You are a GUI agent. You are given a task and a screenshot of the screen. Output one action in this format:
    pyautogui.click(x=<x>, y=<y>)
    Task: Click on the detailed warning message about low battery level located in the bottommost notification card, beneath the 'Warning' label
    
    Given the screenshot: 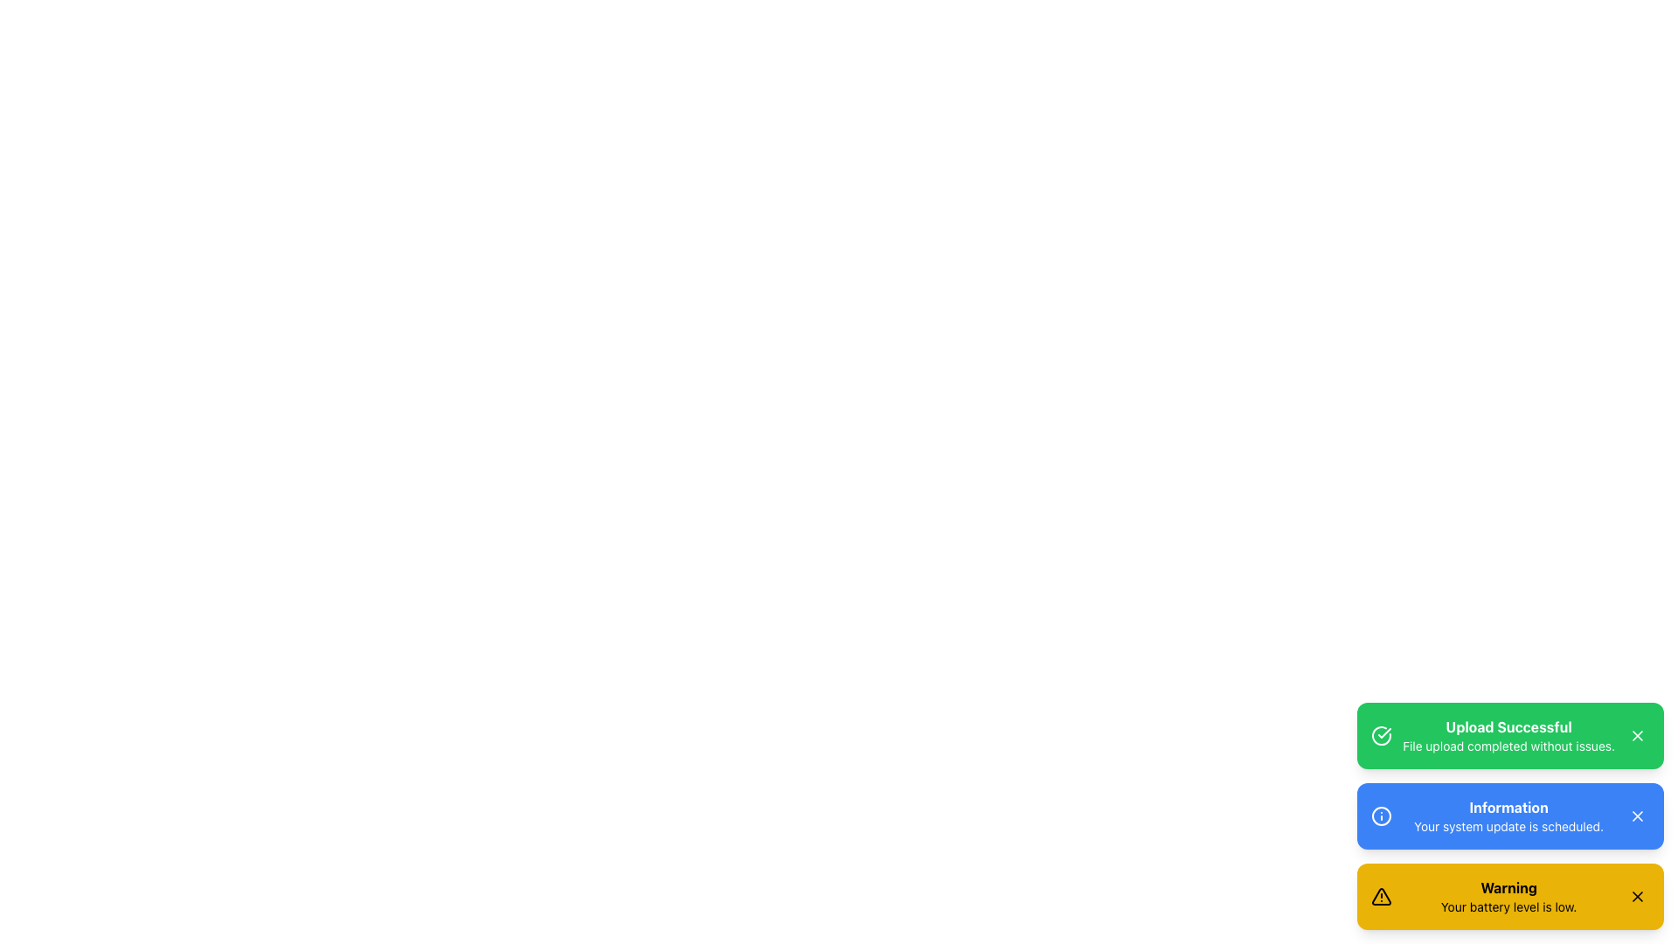 What is the action you would take?
    pyautogui.click(x=1508, y=906)
    